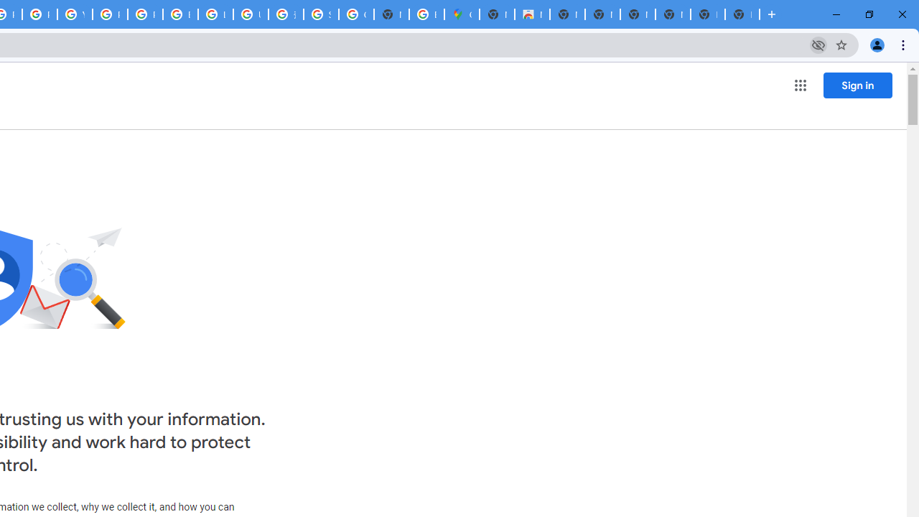 The height and width of the screenshot is (517, 919). Describe the element at coordinates (426, 14) in the screenshot. I see `'Explore new street-level details - Google Maps Help'` at that location.